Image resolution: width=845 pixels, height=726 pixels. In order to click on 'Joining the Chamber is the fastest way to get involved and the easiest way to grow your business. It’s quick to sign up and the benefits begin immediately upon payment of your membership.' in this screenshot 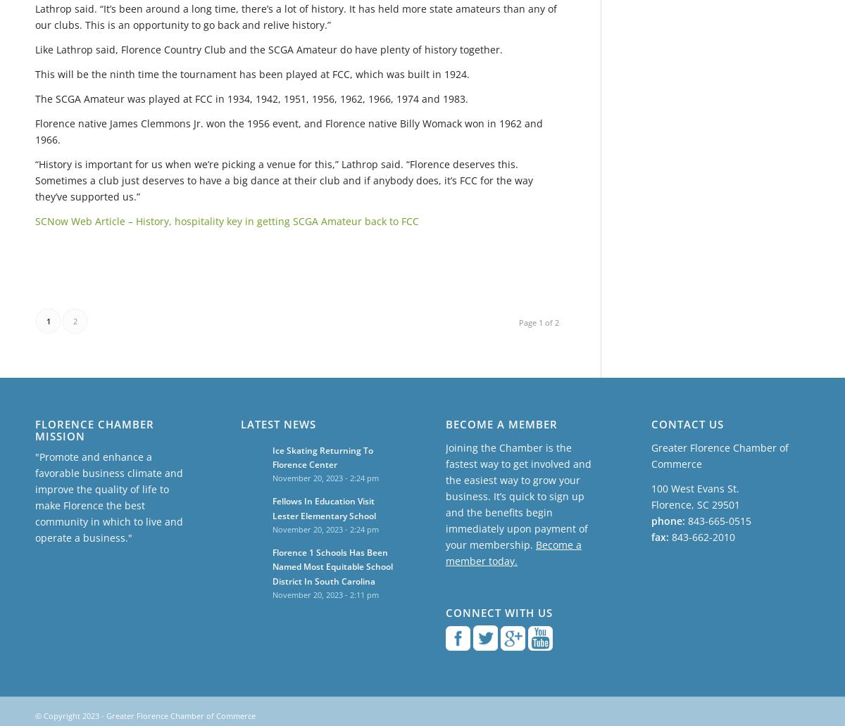, I will do `click(518, 495)`.